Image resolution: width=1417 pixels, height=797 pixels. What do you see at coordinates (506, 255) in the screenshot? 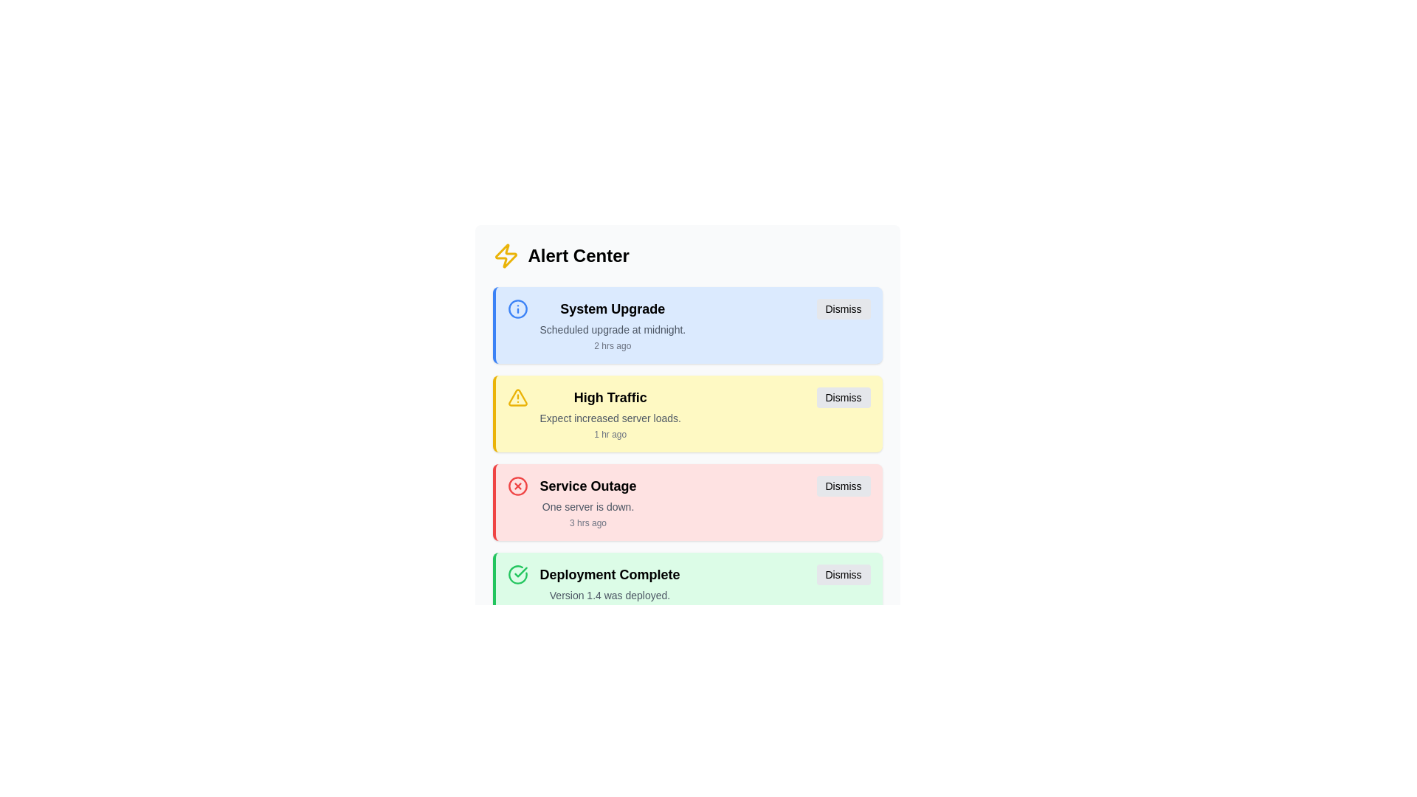
I see `the yellow lightning bolt icon in the Alert Center interface, which is positioned near the top left adjacent to the 'Alert Center' title text` at bounding box center [506, 255].